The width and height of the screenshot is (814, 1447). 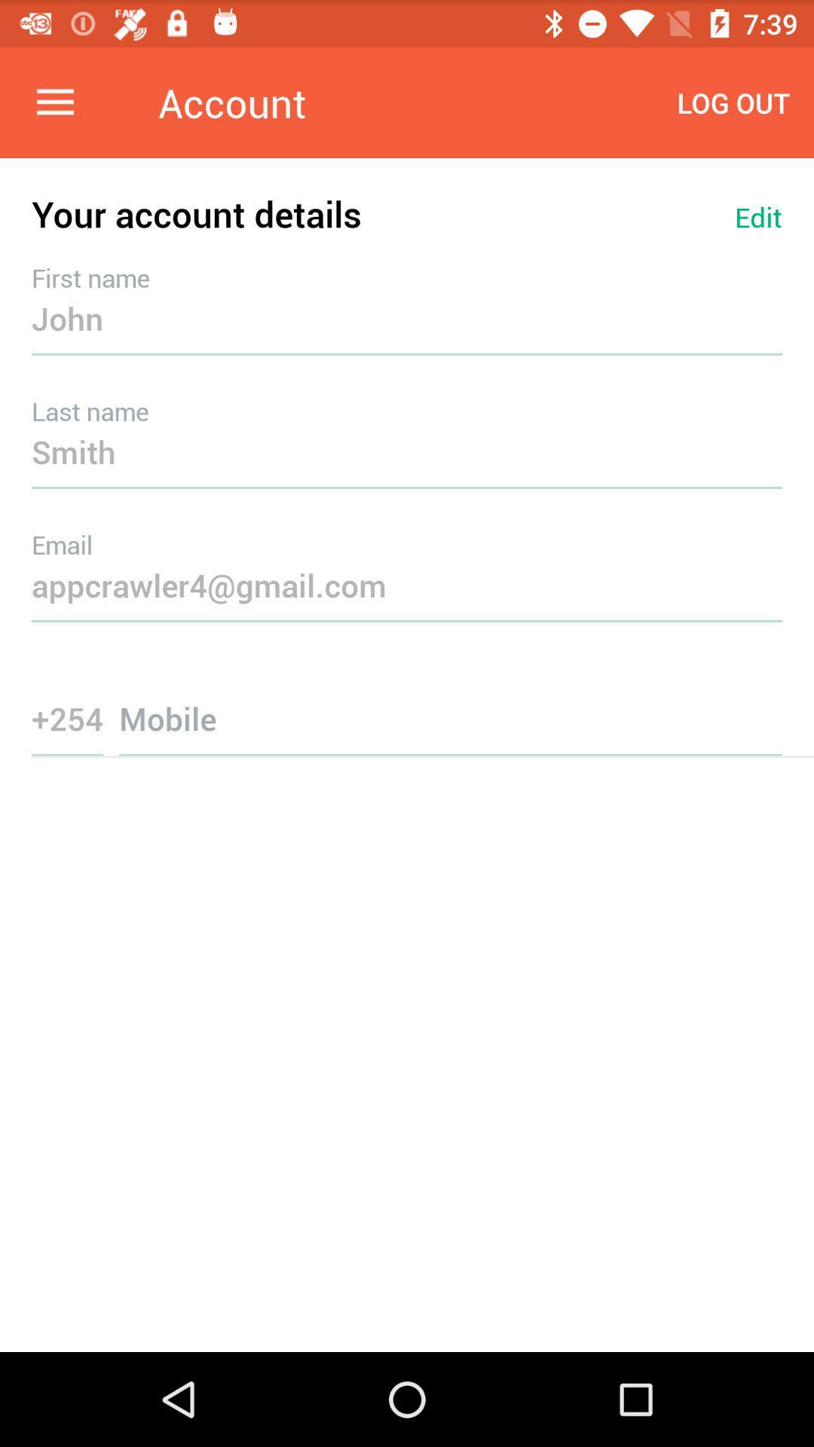 I want to click on the item next to the account item, so click(x=54, y=102).